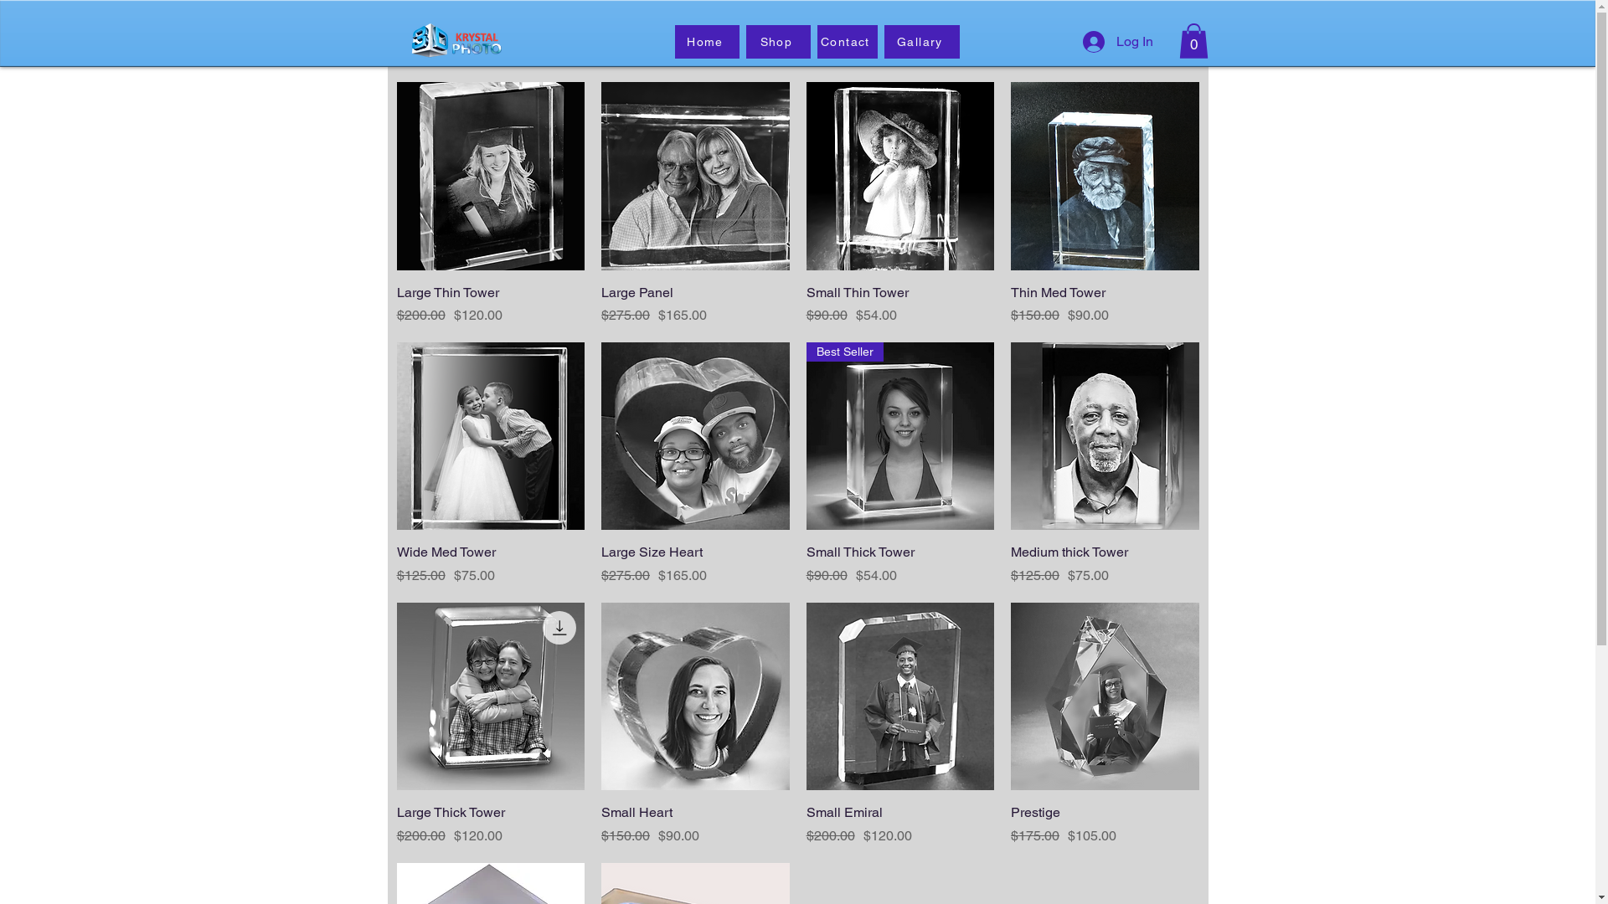 Image resolution: width=1608 pixels, height=904 pixels. Describe the element at coordinates (707, 41) in the screenshot. I see `'Home'` at that location.